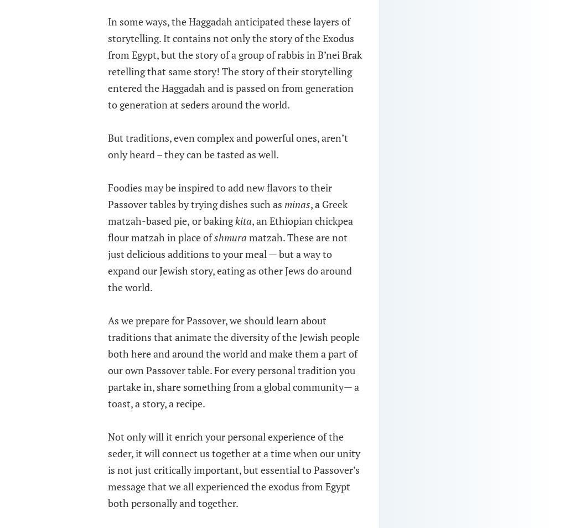 The height and width of the screenshot is (528, 570). I want to click on 'Foodies may be inspired to add new flavors to their Passover tables by trying dishes such as', so click(220, 196).